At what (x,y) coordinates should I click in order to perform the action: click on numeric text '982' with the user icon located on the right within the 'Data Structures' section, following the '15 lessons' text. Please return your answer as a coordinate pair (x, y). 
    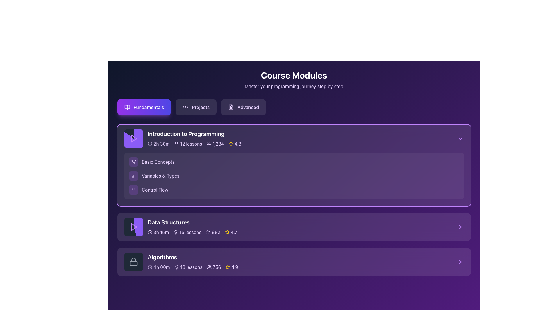
    Looking at the image, I should click on (213, 232).